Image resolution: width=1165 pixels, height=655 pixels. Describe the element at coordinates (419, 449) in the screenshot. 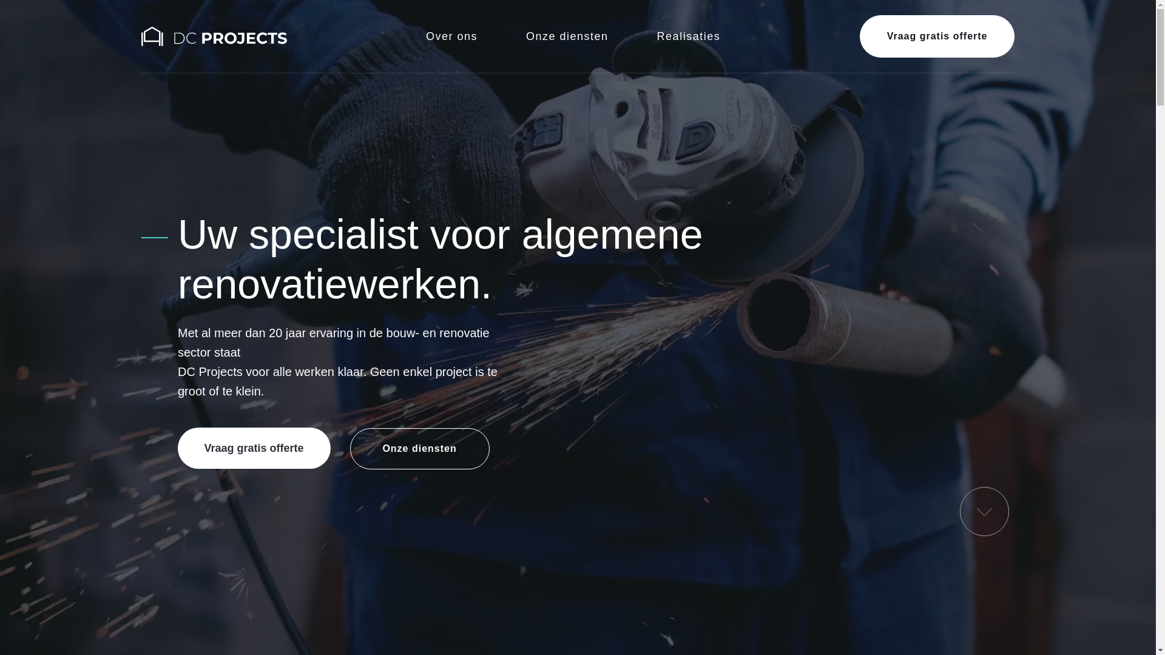

I see `'Onze diensten'` at that location.